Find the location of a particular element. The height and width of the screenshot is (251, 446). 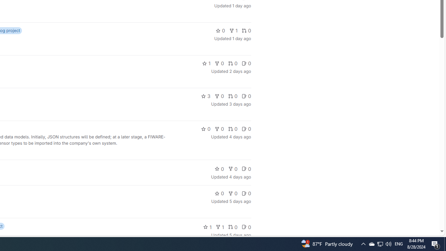

'3' is located at coordinates (205, 96).